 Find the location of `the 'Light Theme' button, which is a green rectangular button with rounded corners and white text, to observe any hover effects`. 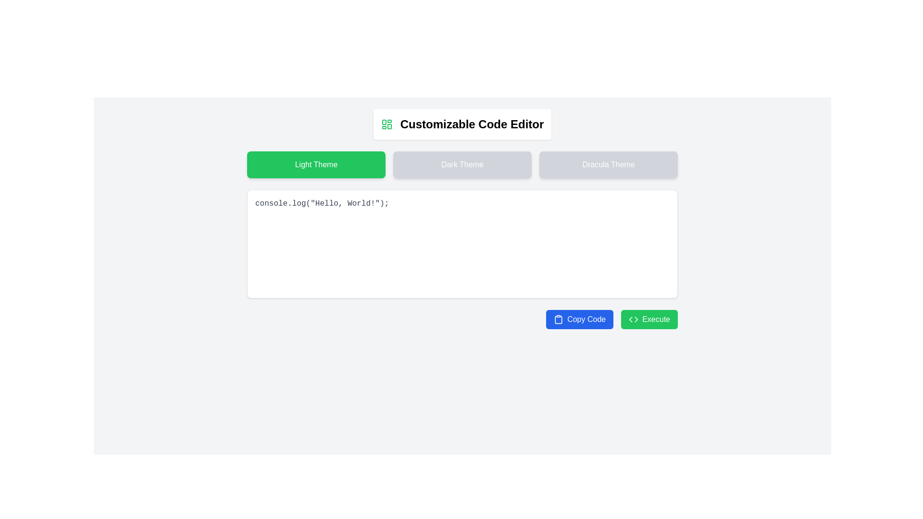

the 'Light Theme' button, which is a green rectangular button with rounded corners and white text, to observe any hover effects is located at coordinates (316, 164).